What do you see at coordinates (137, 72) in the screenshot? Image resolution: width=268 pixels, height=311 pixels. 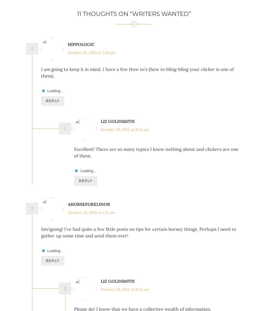 I see `'I am going to keep it in mind. I have a few How to’s (how to bling-bling your clicker is one of them).'` at bounding box center [137, 72].